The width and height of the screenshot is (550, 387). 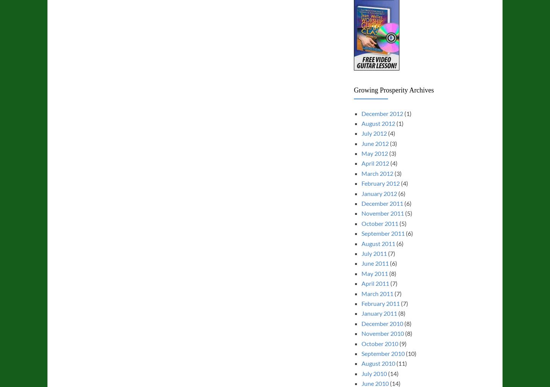 What do you see at coordinates (361, 233) in the screenshot?
I see `'September 2011'` at bounding box center [361, 233].